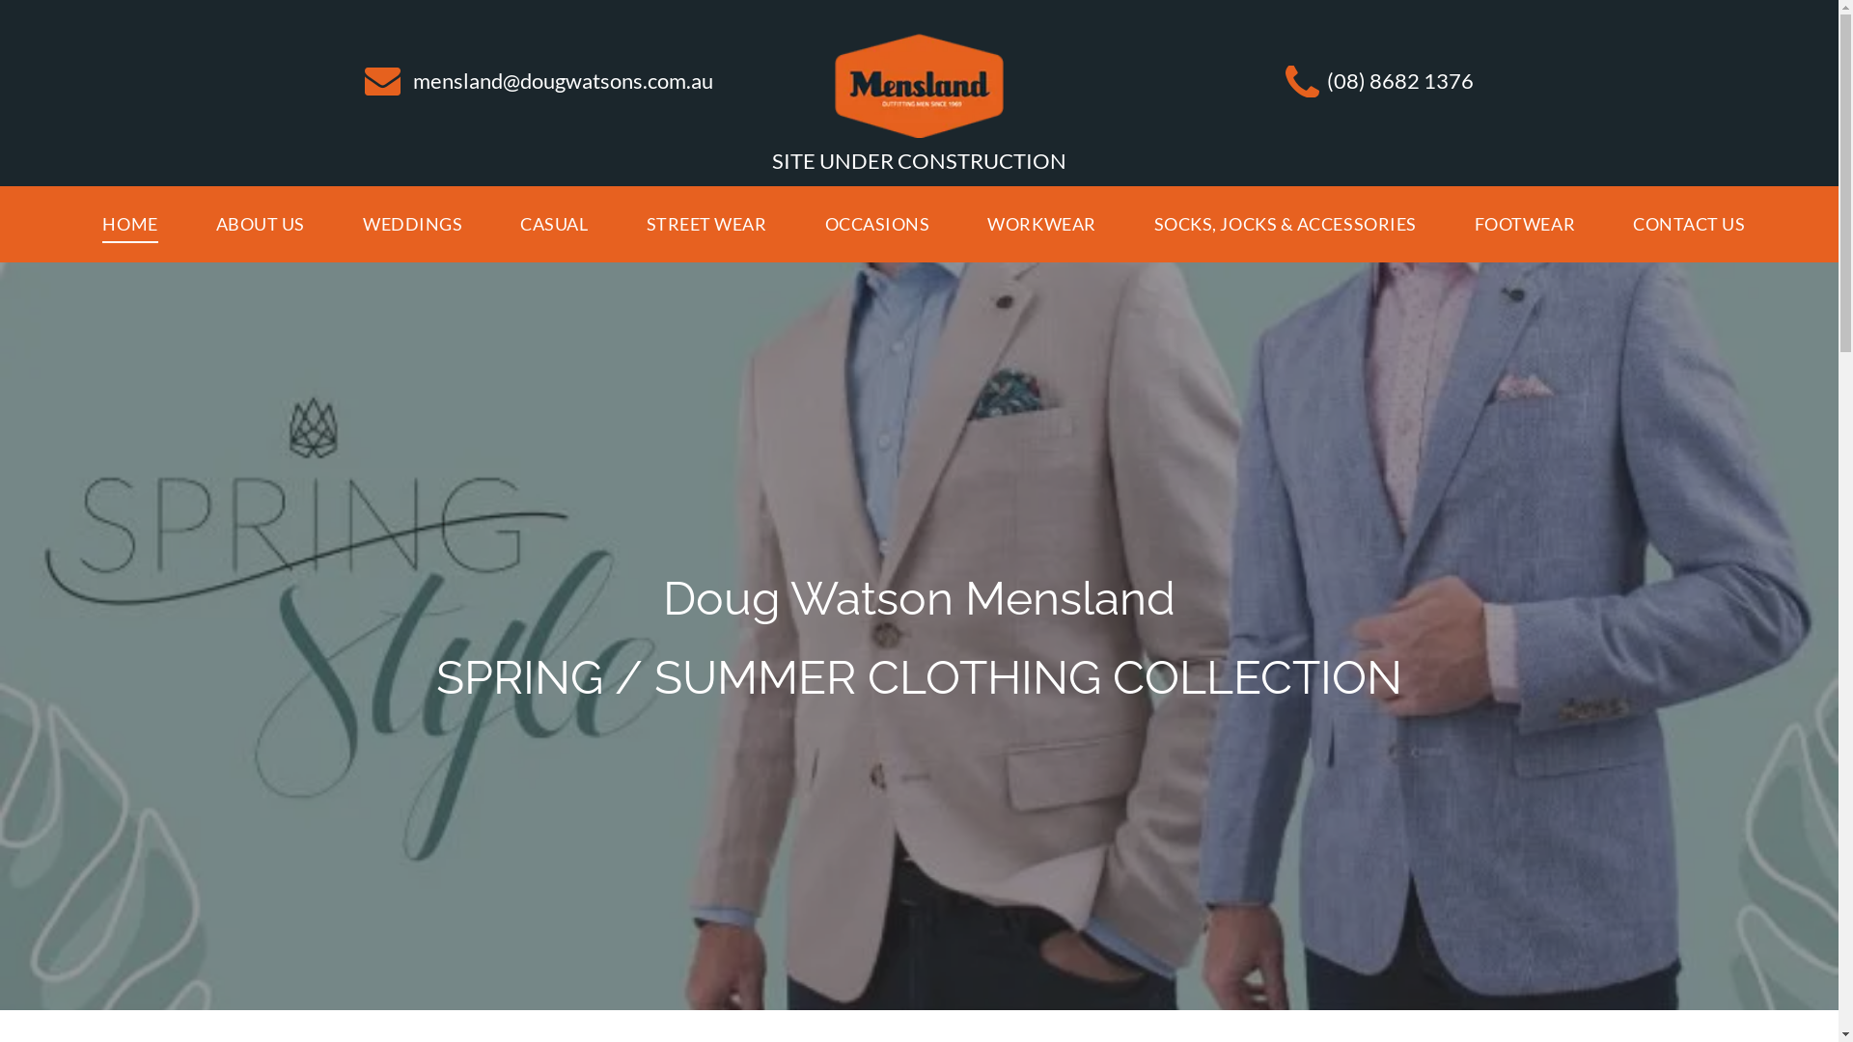  Describe the element at coordinates (259, 223) in the screenshot. I see `'ABOUT US'` at that location.